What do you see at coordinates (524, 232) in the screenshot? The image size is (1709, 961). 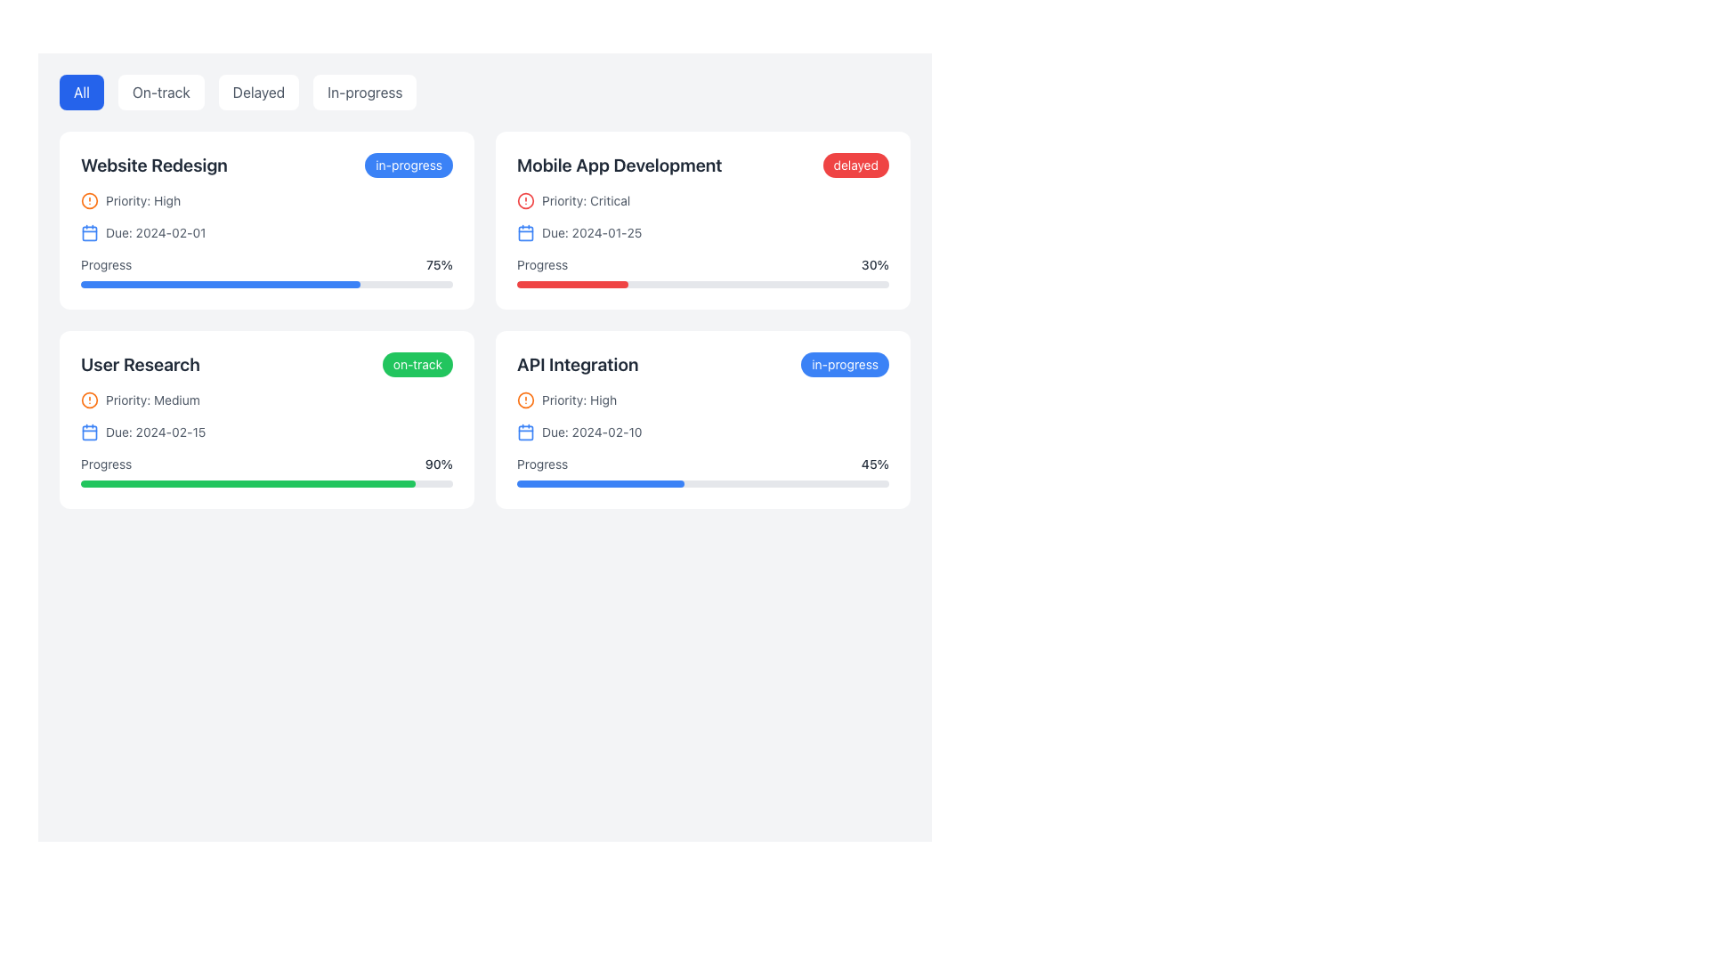 I see `the calendar icon styled with blue color and round edges, located to the left of the text 'Due: 2024-01-25' within the card labeled 'Mobile App Development'` at bounding box center [524, 232].